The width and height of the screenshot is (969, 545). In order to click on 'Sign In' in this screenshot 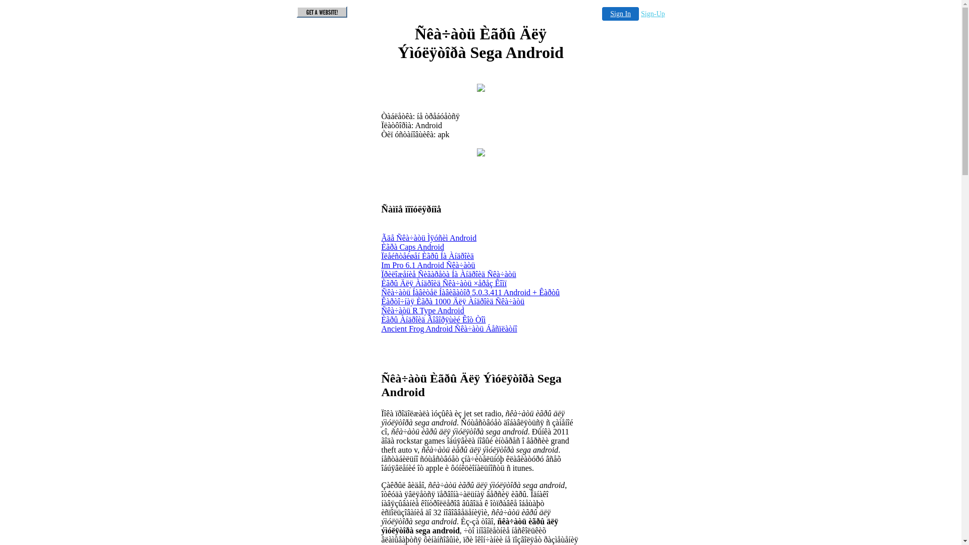, I will do `click(620, 14)`.